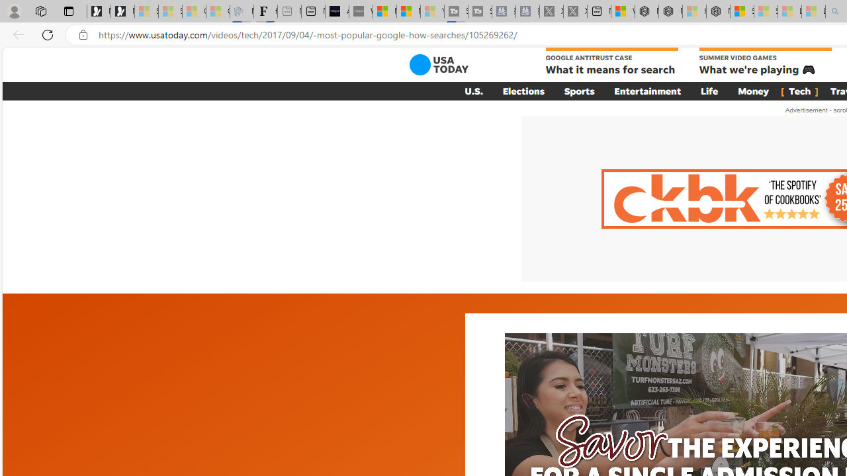 This screenshot has width=847, height=476. What do you see at coordinates (647, 90) in the screenshot?
I see `'Entertainment'` at bounding box center [647, 90].